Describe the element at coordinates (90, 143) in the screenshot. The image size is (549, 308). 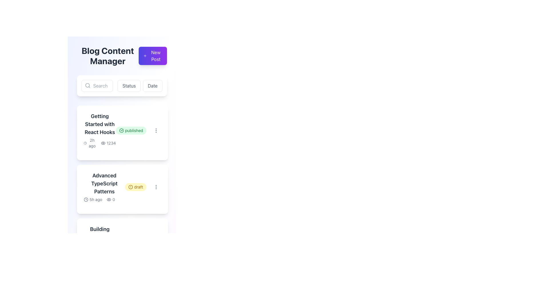
I see `the non-interactive text and icon combination displaying the relative time since the article 'Getting Started with React Hooks' was last updated` at that location.